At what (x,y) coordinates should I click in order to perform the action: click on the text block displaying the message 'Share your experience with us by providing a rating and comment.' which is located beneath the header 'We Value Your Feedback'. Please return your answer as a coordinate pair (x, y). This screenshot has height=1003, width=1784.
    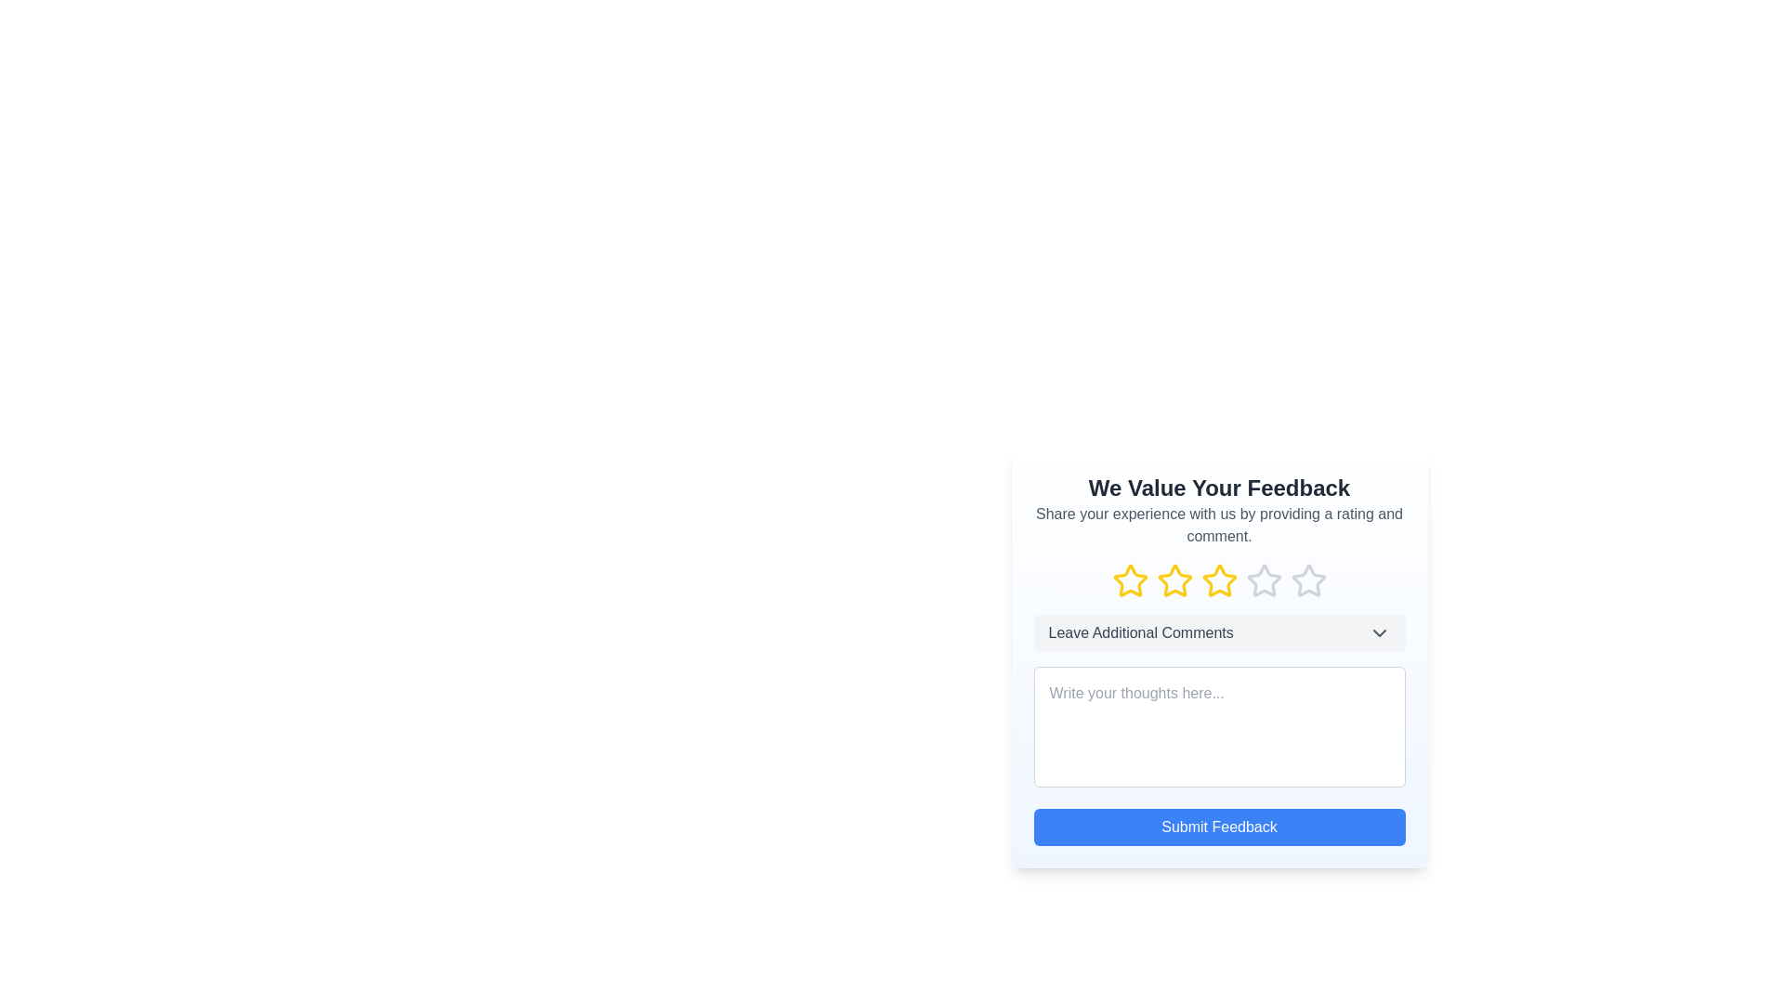
    Looking at the image, I should click on (1219, 526).